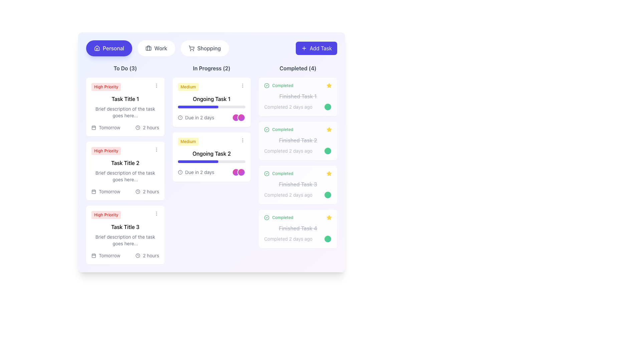  What do you see at coordinates (106, 151) in the screenshot?
I see `the pill-shaped label with a light red background and red text that displays 'High Priority', located above 'Task Title 2' in the task card` at bounding box center [106, 151].